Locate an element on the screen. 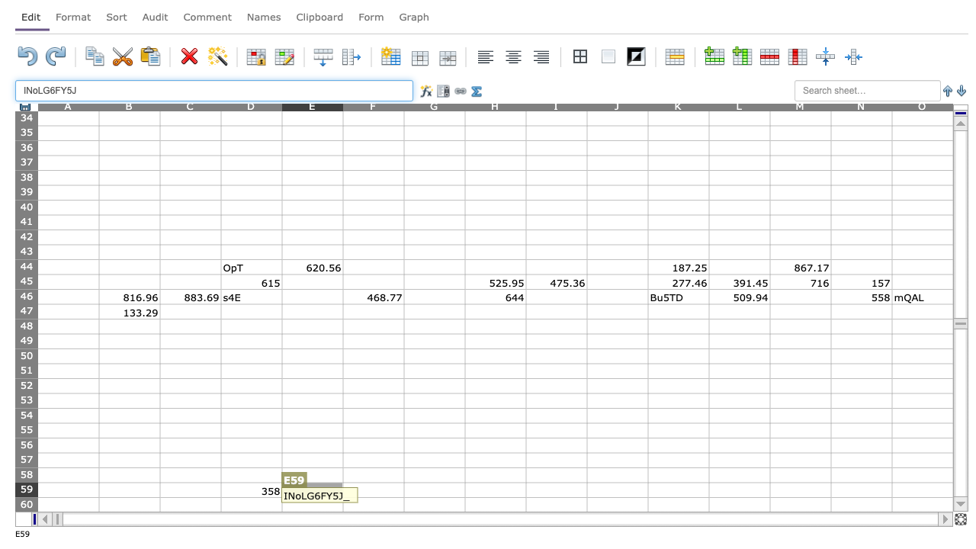  Bottom right corner of cell H-59 is located at coordinates (526, 497).